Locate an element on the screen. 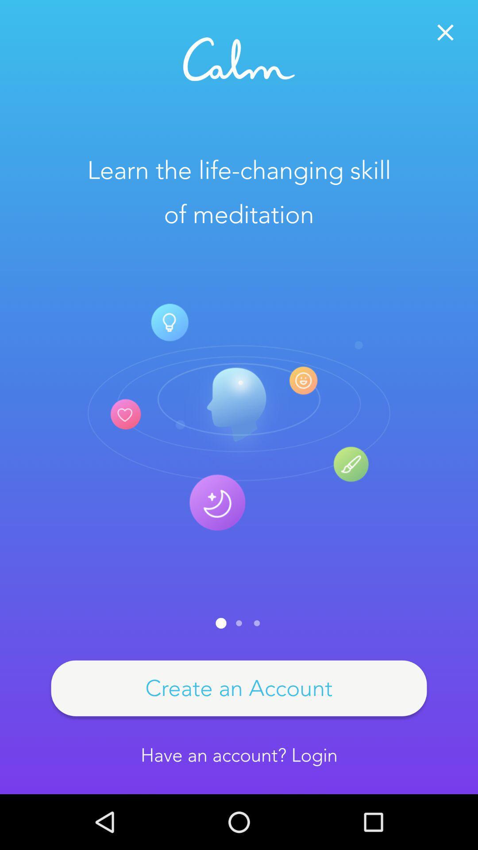 The width and height of the screenshot is (478, 850). the close icon is located at coordinates (445, 32).